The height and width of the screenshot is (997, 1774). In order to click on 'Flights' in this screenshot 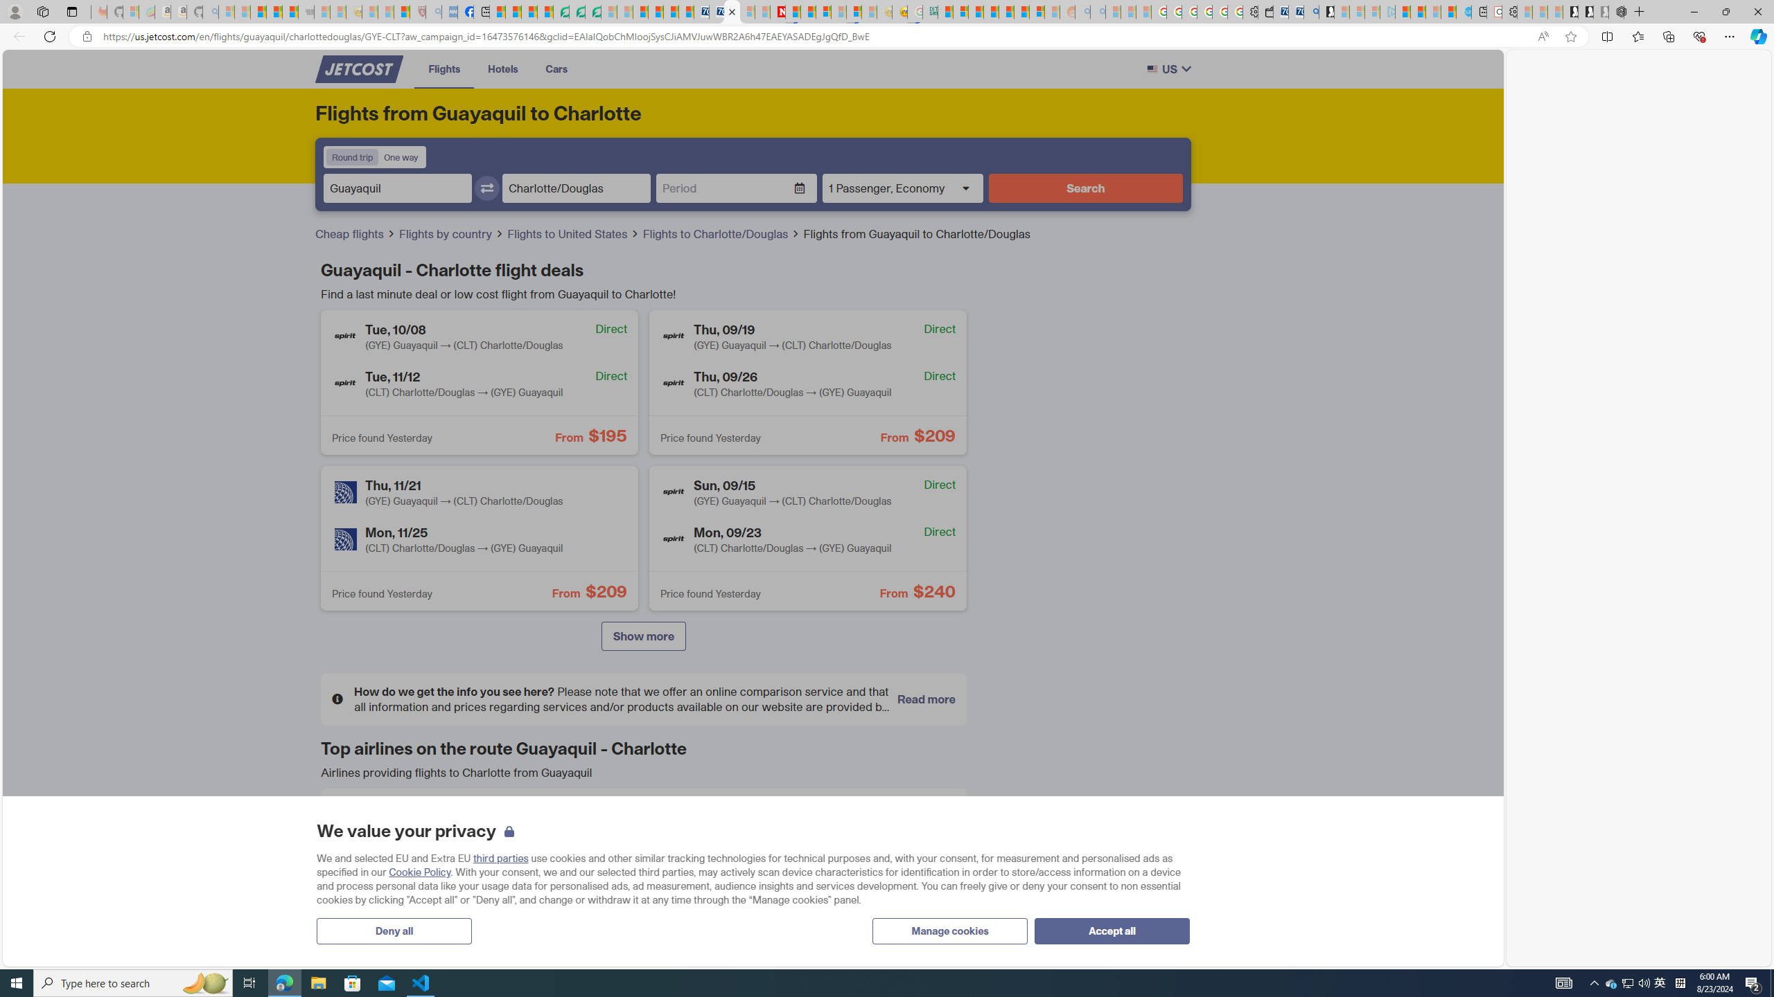, I will do `click(444, 69)`.